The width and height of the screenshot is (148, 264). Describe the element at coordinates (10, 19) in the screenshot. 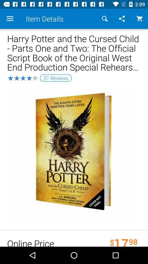

I see `the icon next to item details icon` at that location.